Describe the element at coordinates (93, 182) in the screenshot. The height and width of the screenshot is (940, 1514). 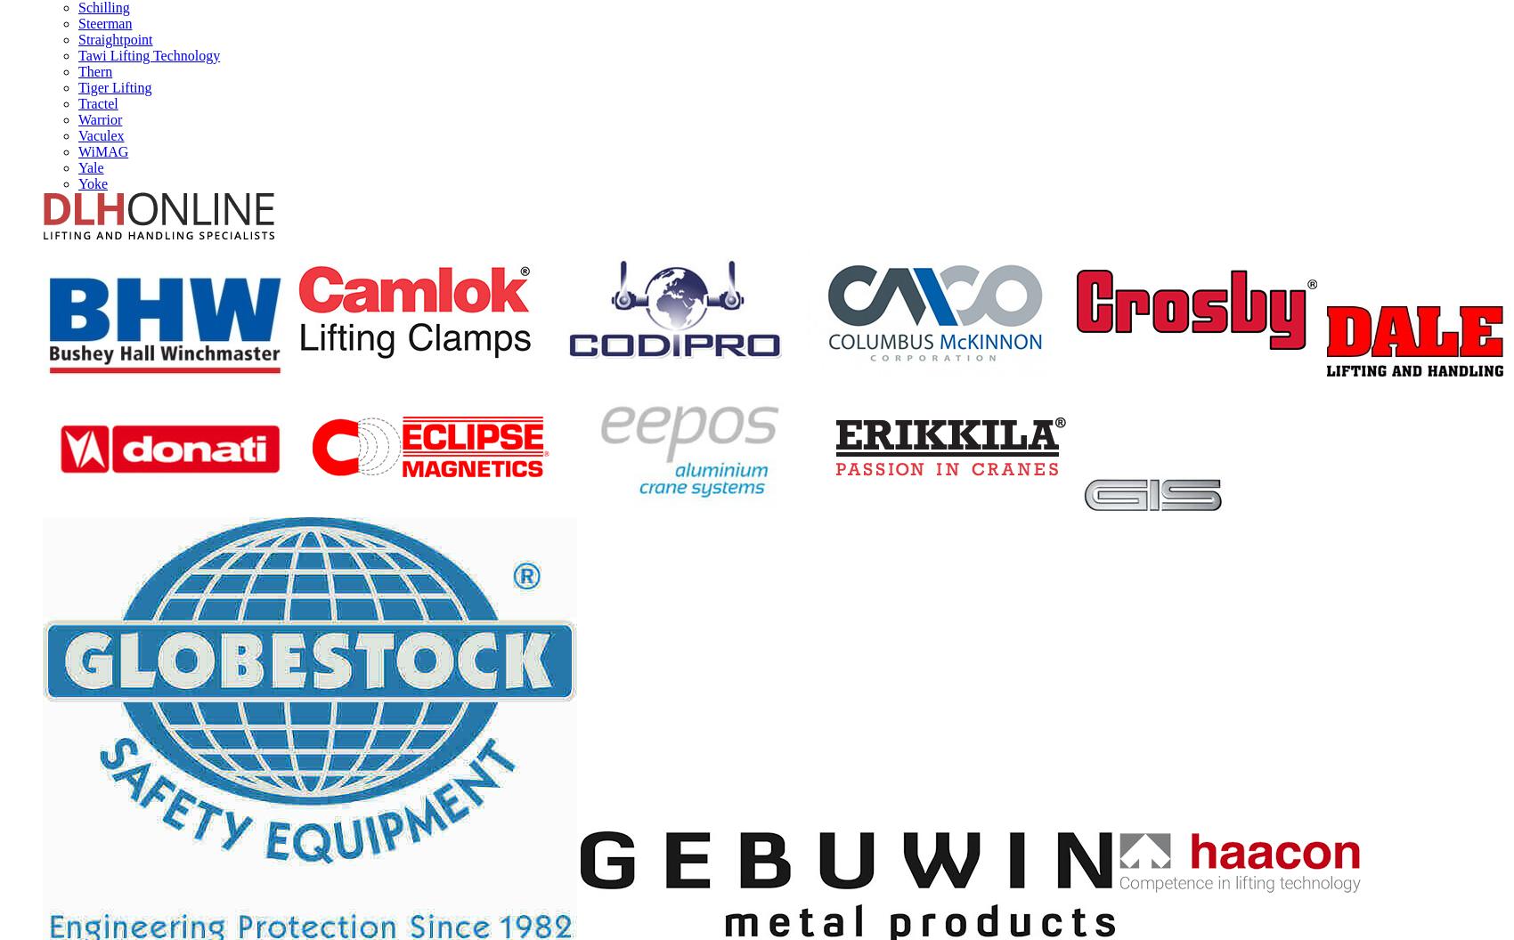
I see `'Yoke'` at that location.